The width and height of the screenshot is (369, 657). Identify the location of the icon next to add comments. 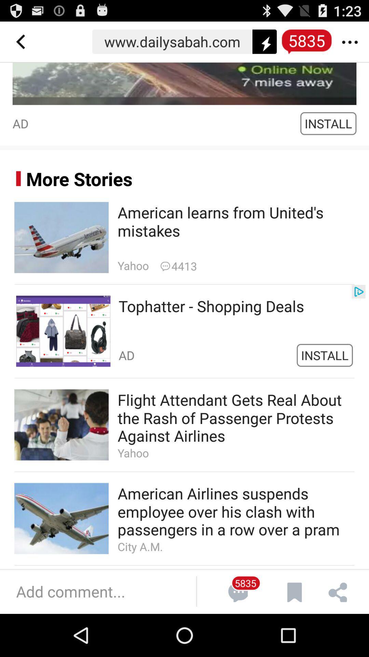
(237, 591).